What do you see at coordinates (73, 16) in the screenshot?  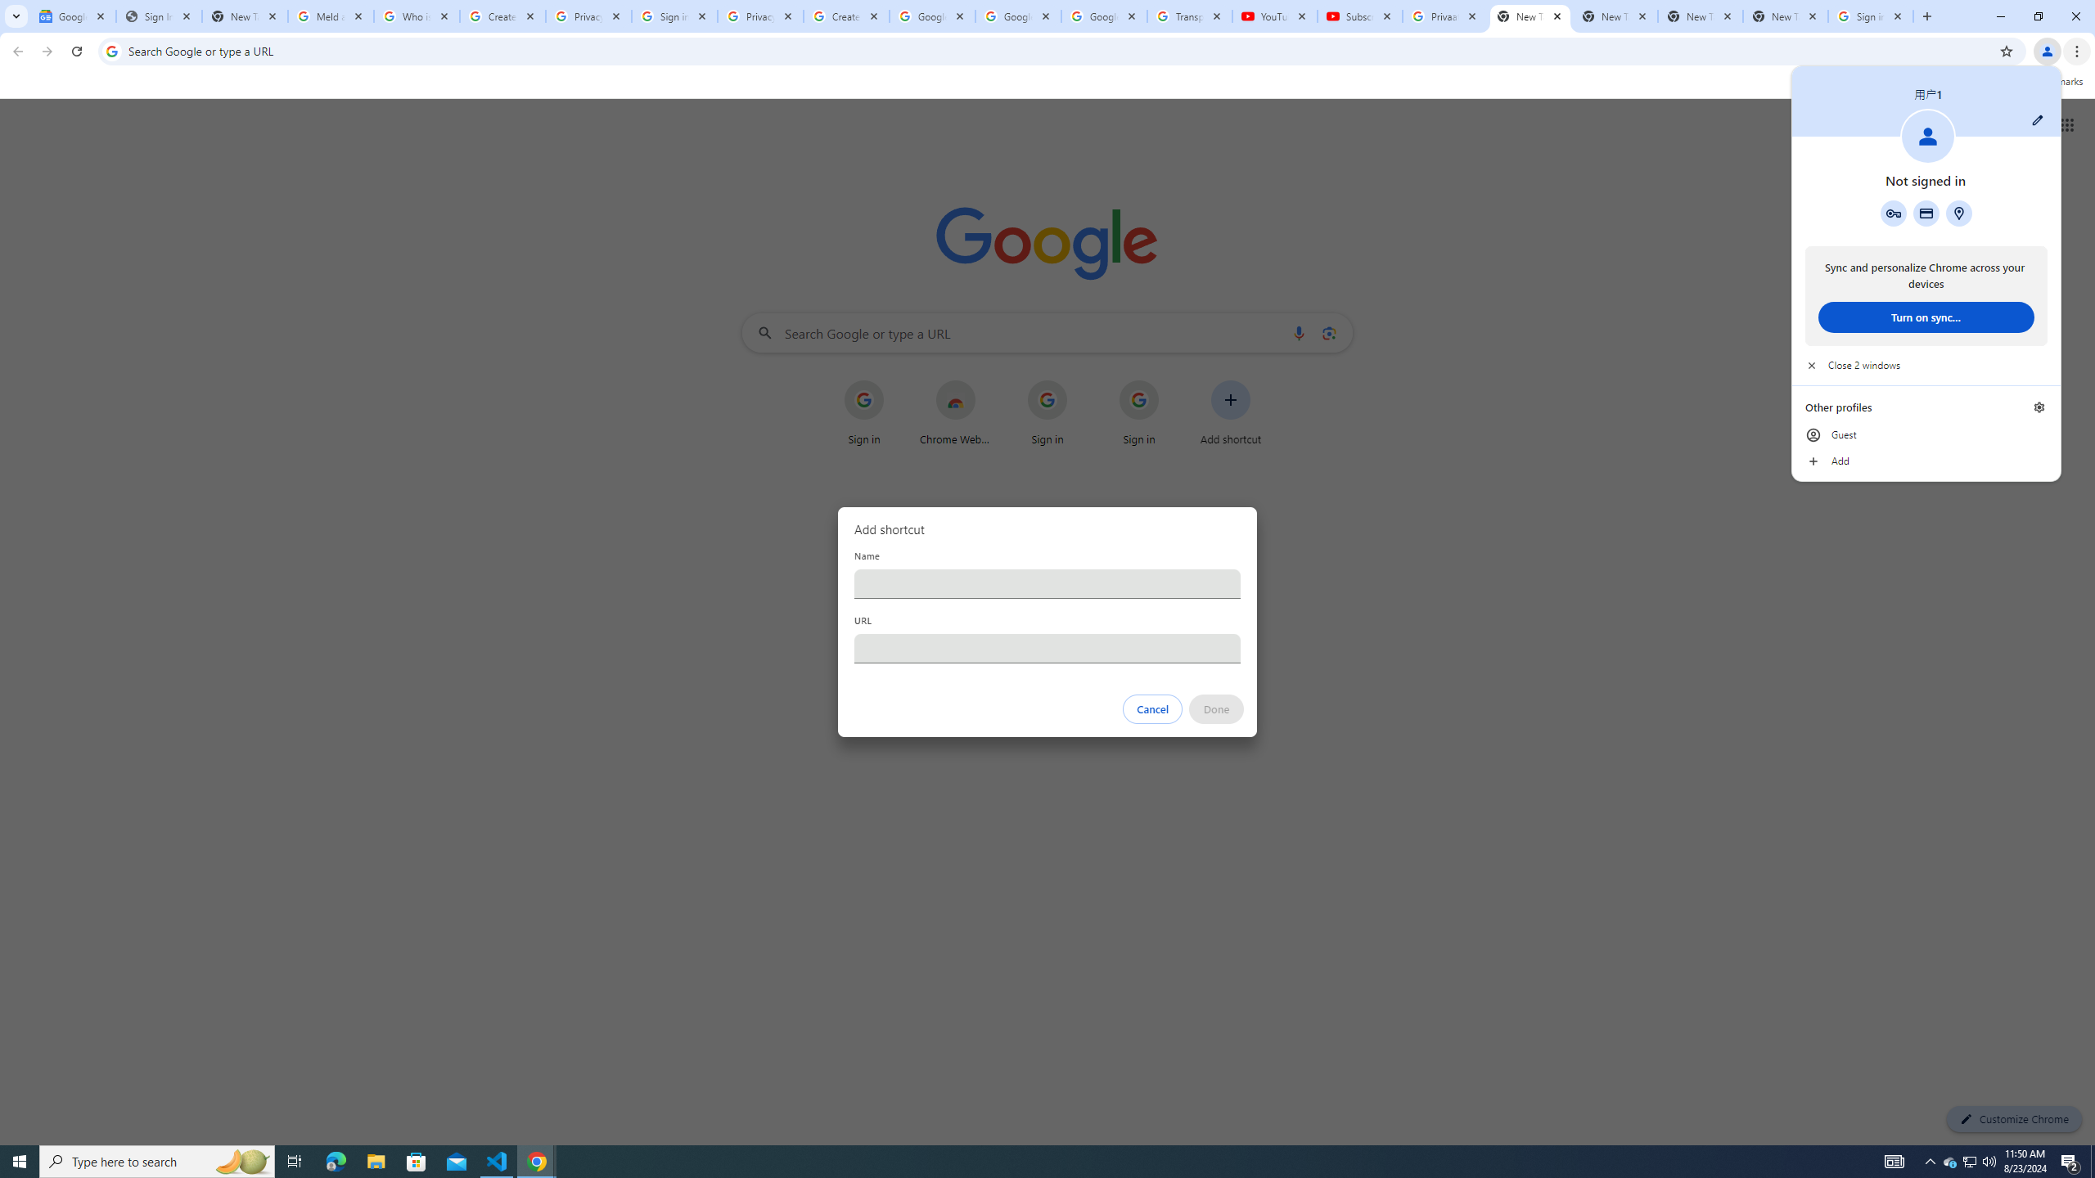 I see `'Google News'` at bounding box center [73, 16].